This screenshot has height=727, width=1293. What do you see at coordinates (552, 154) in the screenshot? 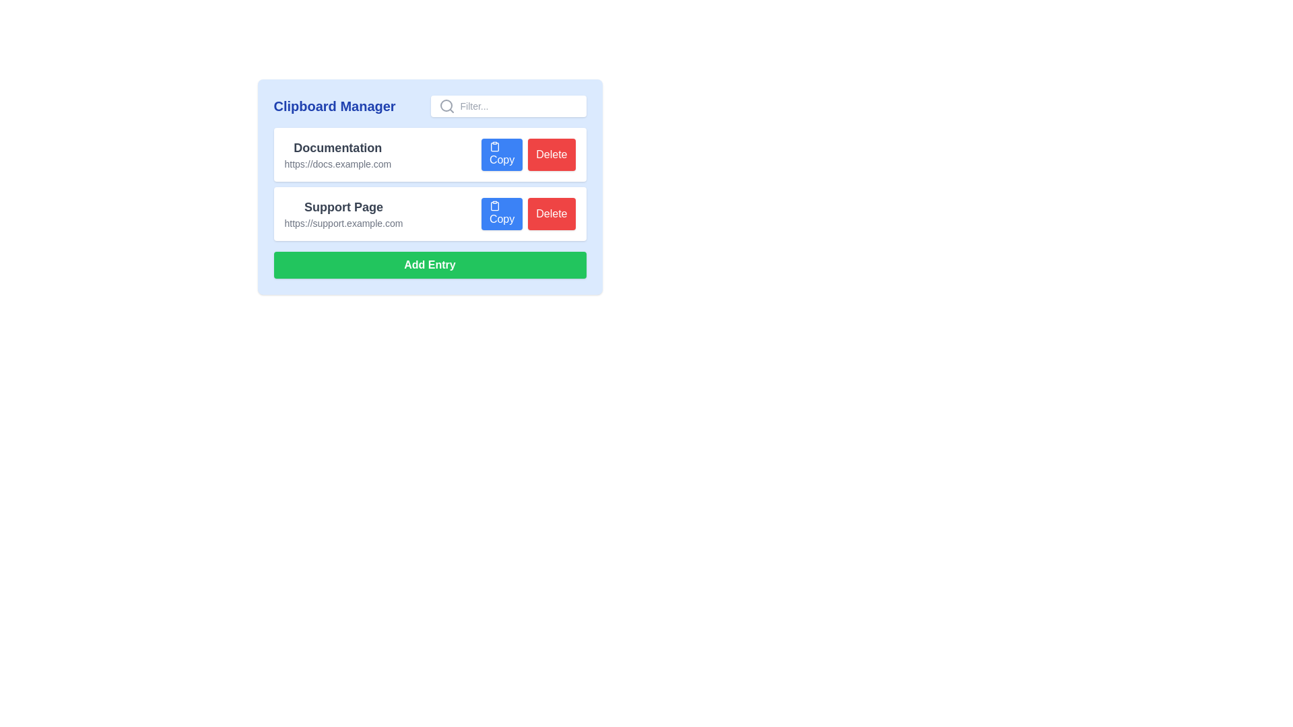
I see `the delete button located to the right of the 'Copy' button in the top right corner of the 'Documentation' entry field` at bounding box center [552, 154].